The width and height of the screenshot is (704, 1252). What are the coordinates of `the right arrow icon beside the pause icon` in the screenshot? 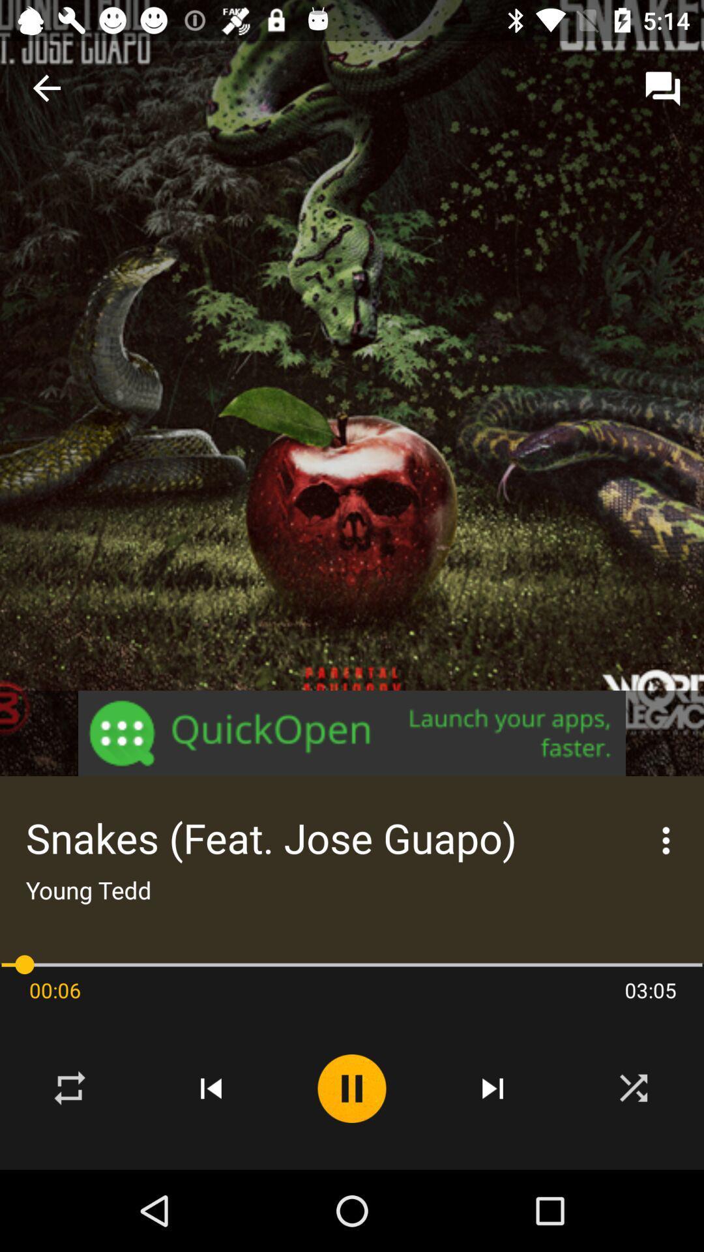 It's located at (493, 1088).